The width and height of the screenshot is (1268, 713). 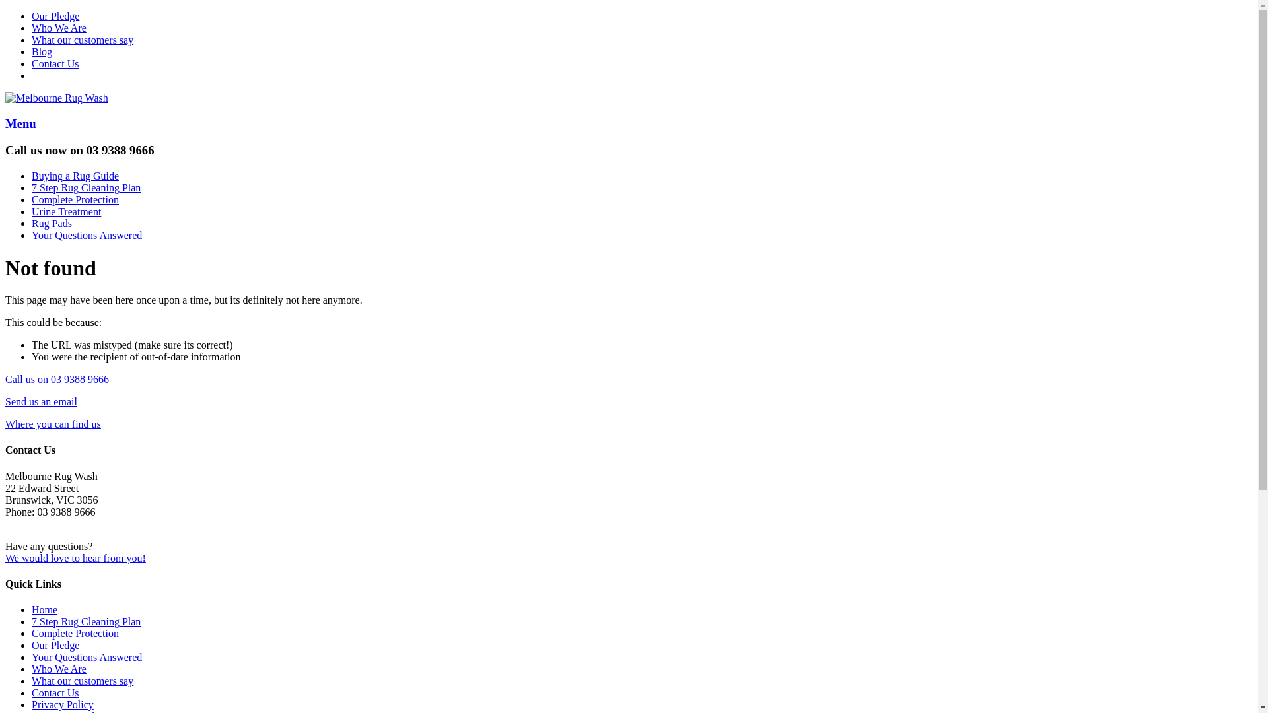 I want to click on 'Blog', so click(x=42, y=51).